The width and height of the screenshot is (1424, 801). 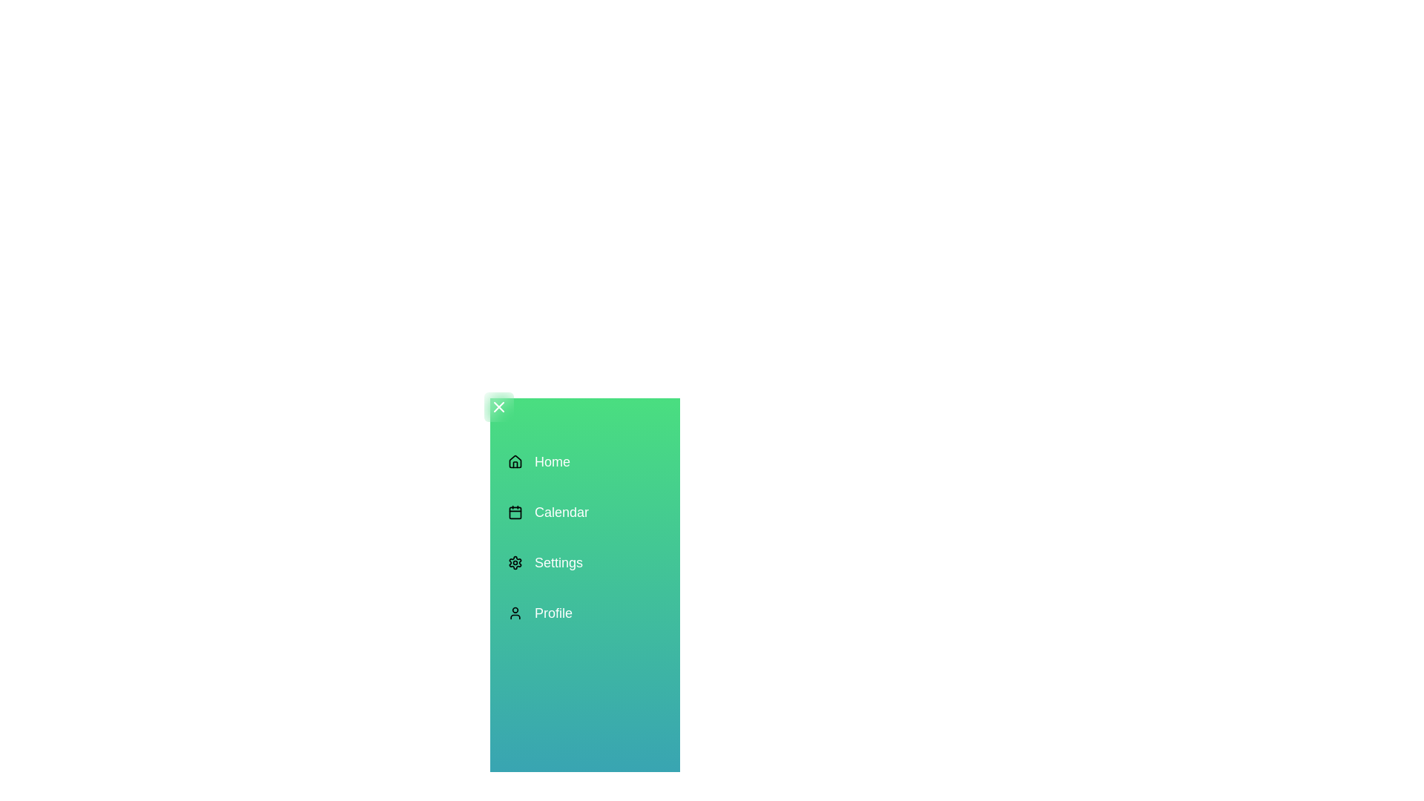 I want to click on the house icon located in the 'Home' menu item, so click(x=515, y=461).